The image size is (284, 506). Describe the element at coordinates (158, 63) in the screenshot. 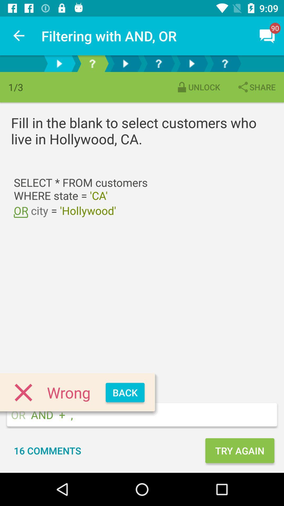

I see `question tab` at that location.